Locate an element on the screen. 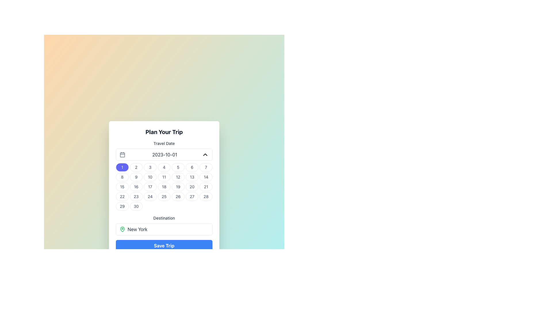 Image resolution: width=552 pixels, height=310 pixels. the Text label that indicates the input field for specifying the destination, which is centrally located in the form layout, directly below the 'Travel Date' section is located at coordinates (164, 218).